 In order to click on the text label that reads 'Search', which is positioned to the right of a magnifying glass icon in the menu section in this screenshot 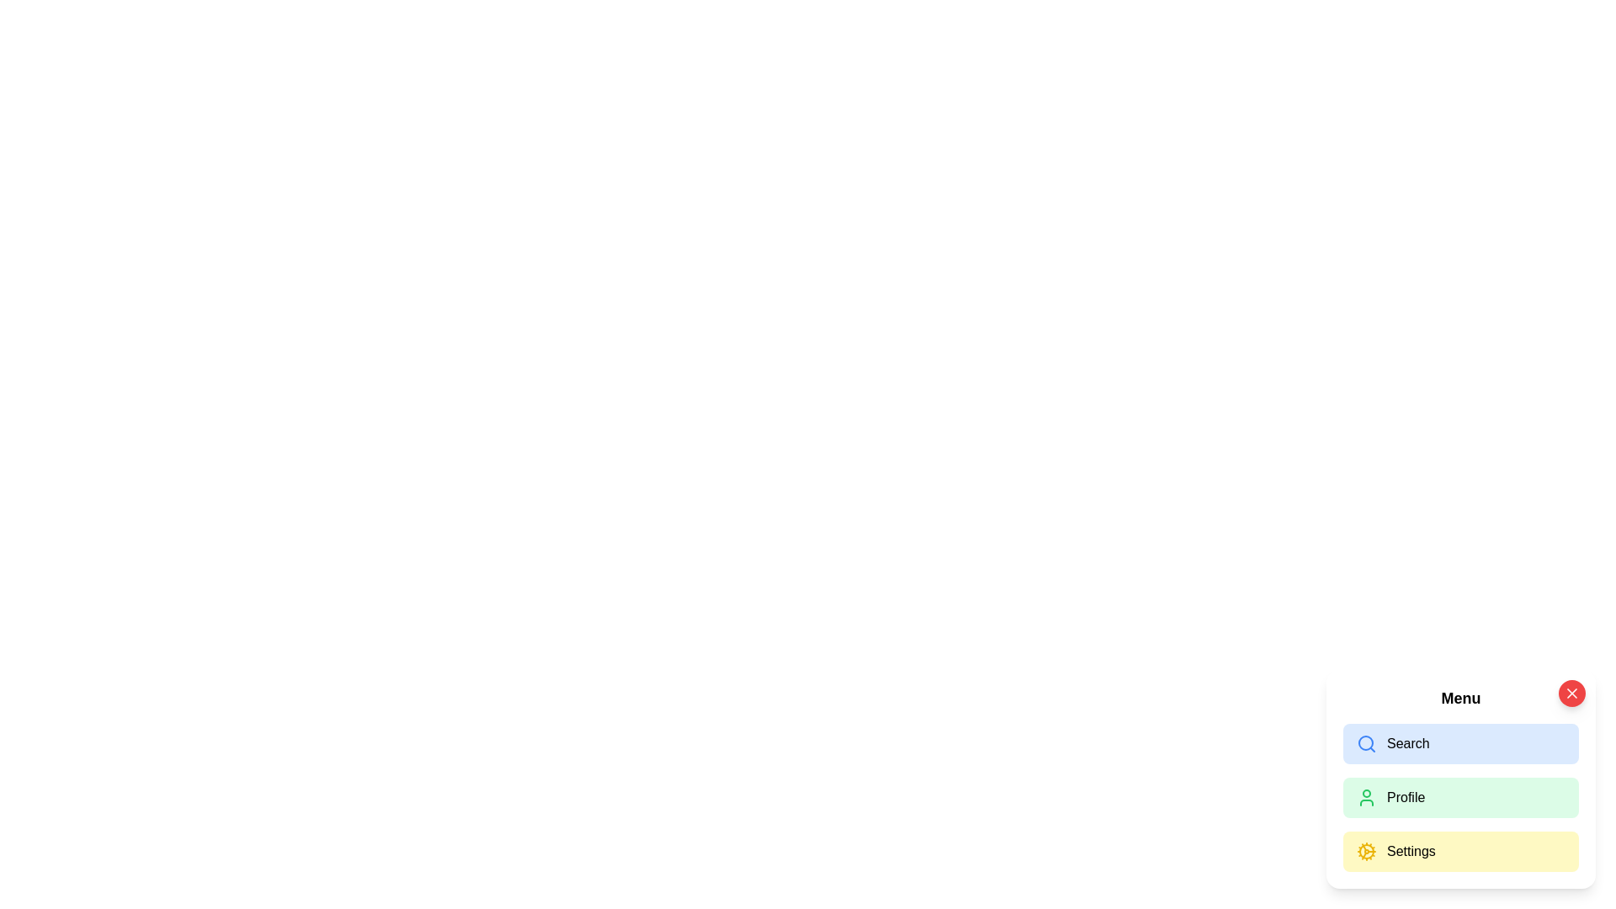, I will do `click(1408, 742)`.